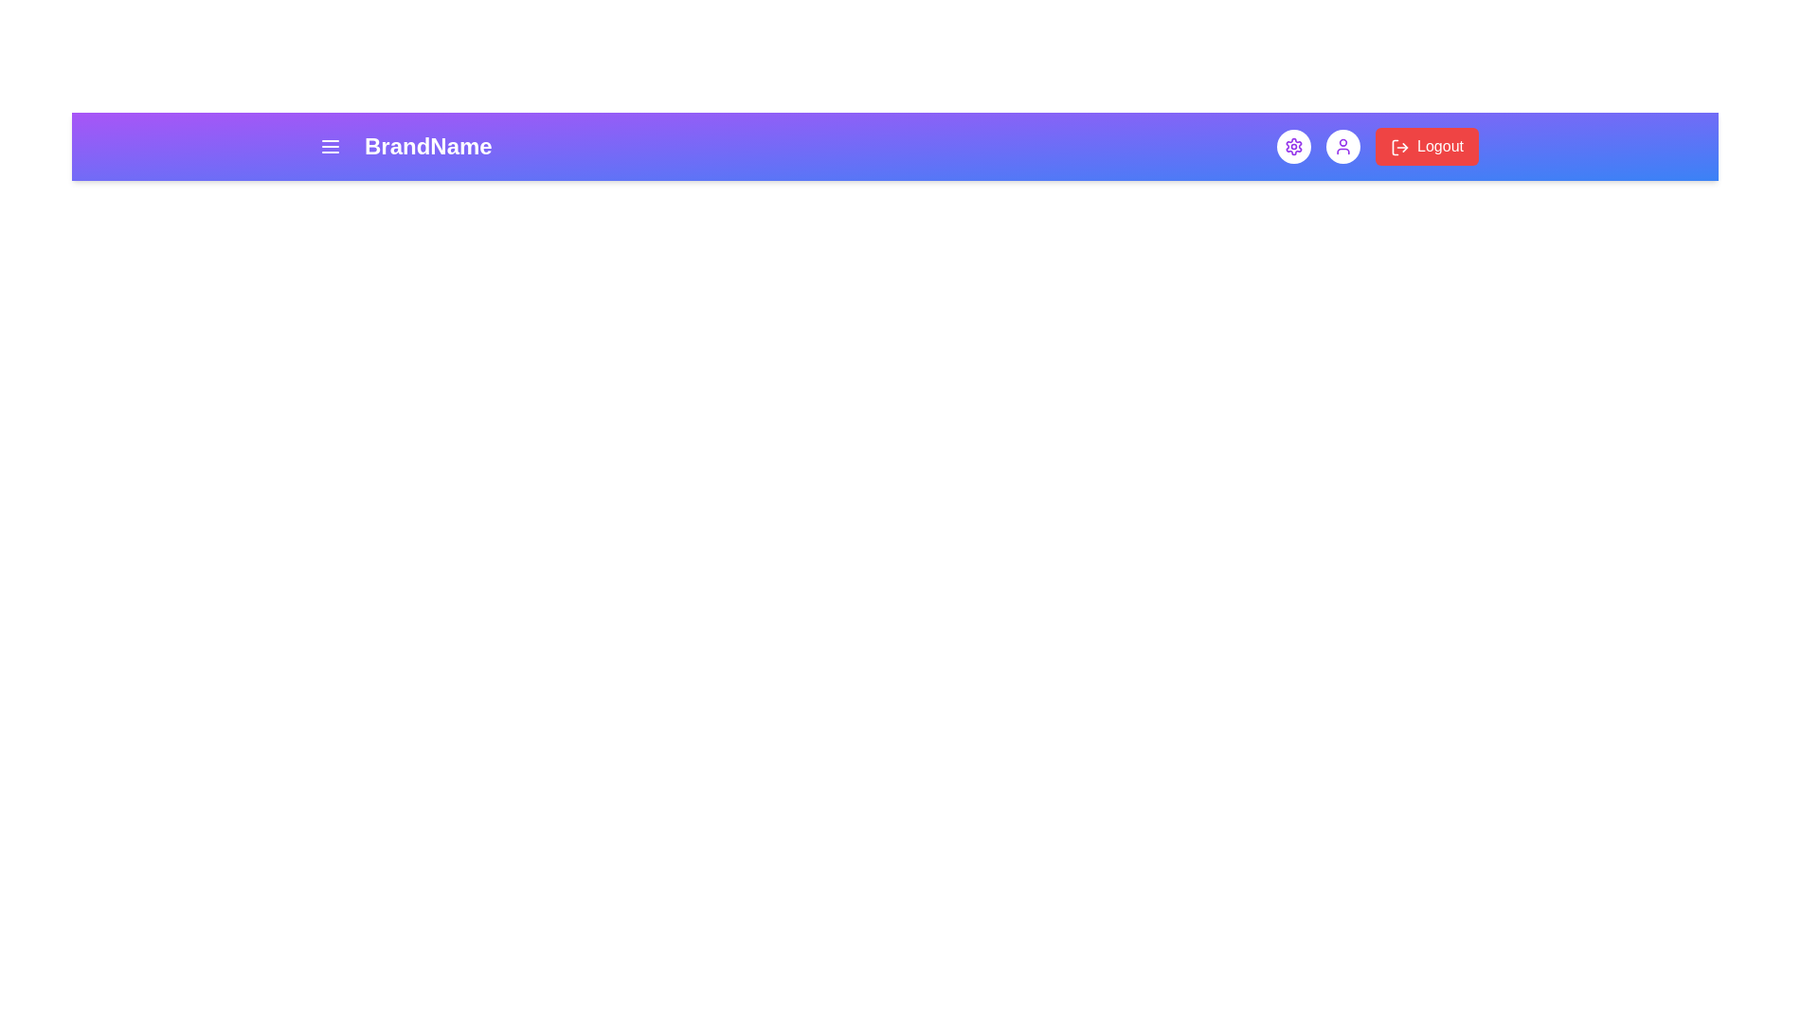 The height and width of the screenshot is (1023, 1819). Describe the element at coordinates (1427, 145) in the screenshot. I see `the logout button to log out of the application` at that location.